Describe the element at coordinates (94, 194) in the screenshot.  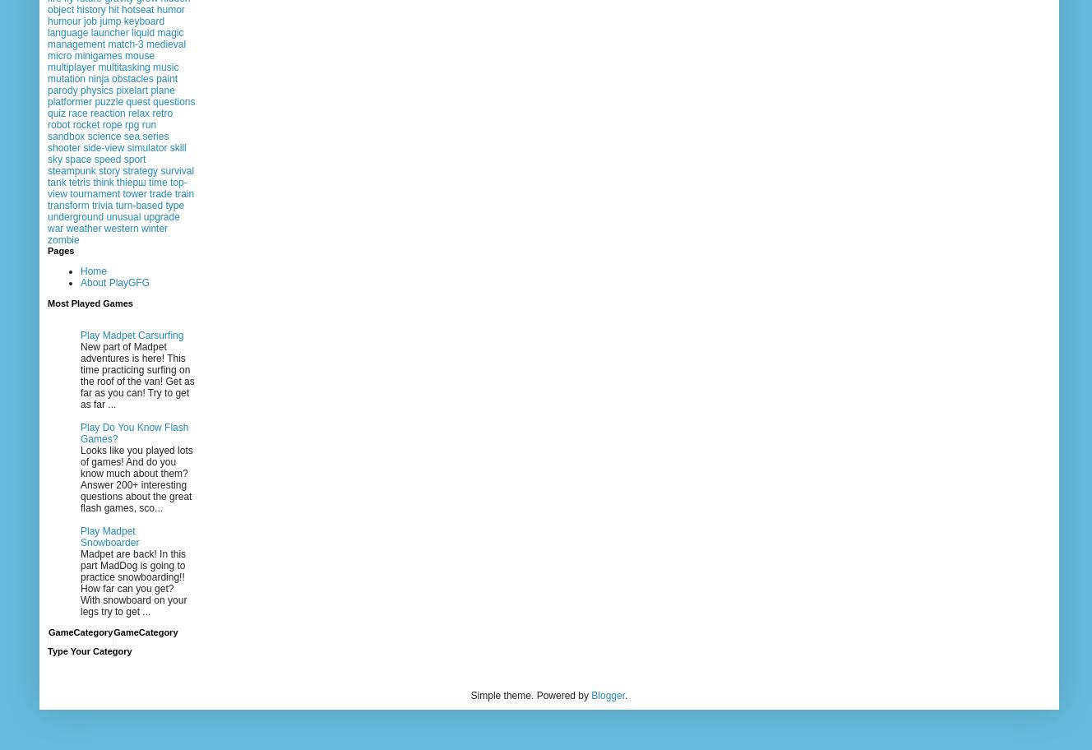
I see `'tournament'` at that location.